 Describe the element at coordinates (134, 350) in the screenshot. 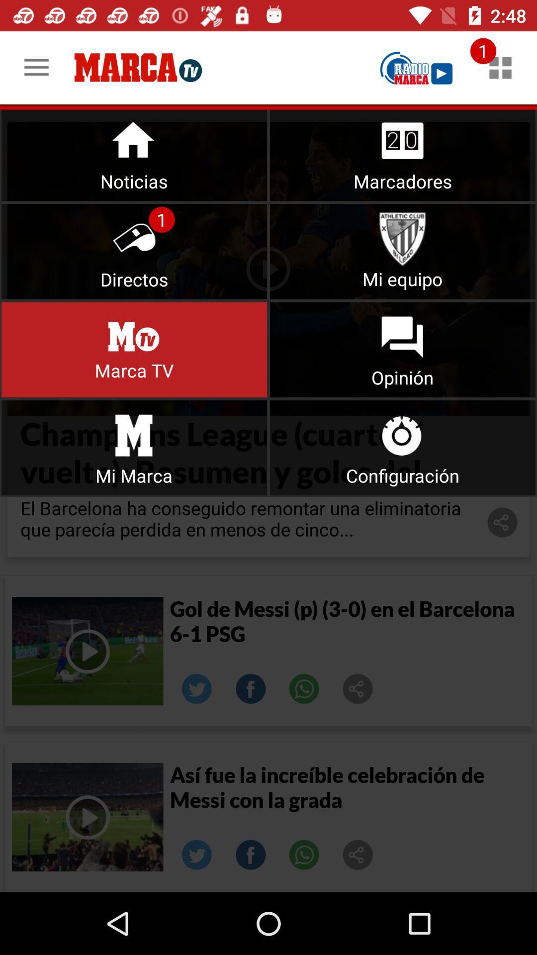

I see `switch autoplay option` at that location.